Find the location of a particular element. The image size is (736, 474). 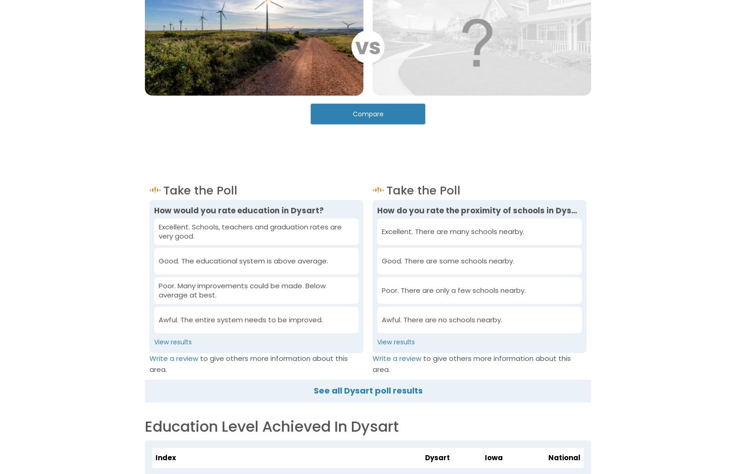

'Excellent. There are many schools nearby.' is located at coordinates (452, 231).